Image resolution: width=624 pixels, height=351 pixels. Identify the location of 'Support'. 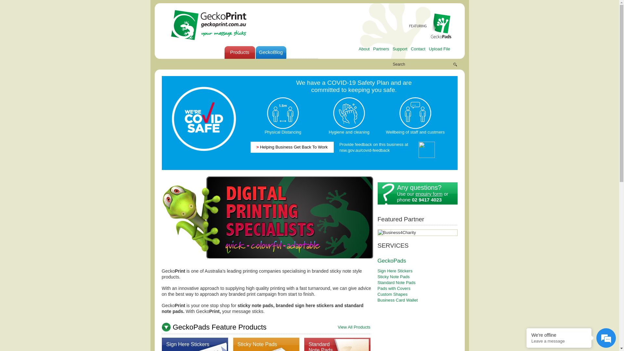
(399, 48).